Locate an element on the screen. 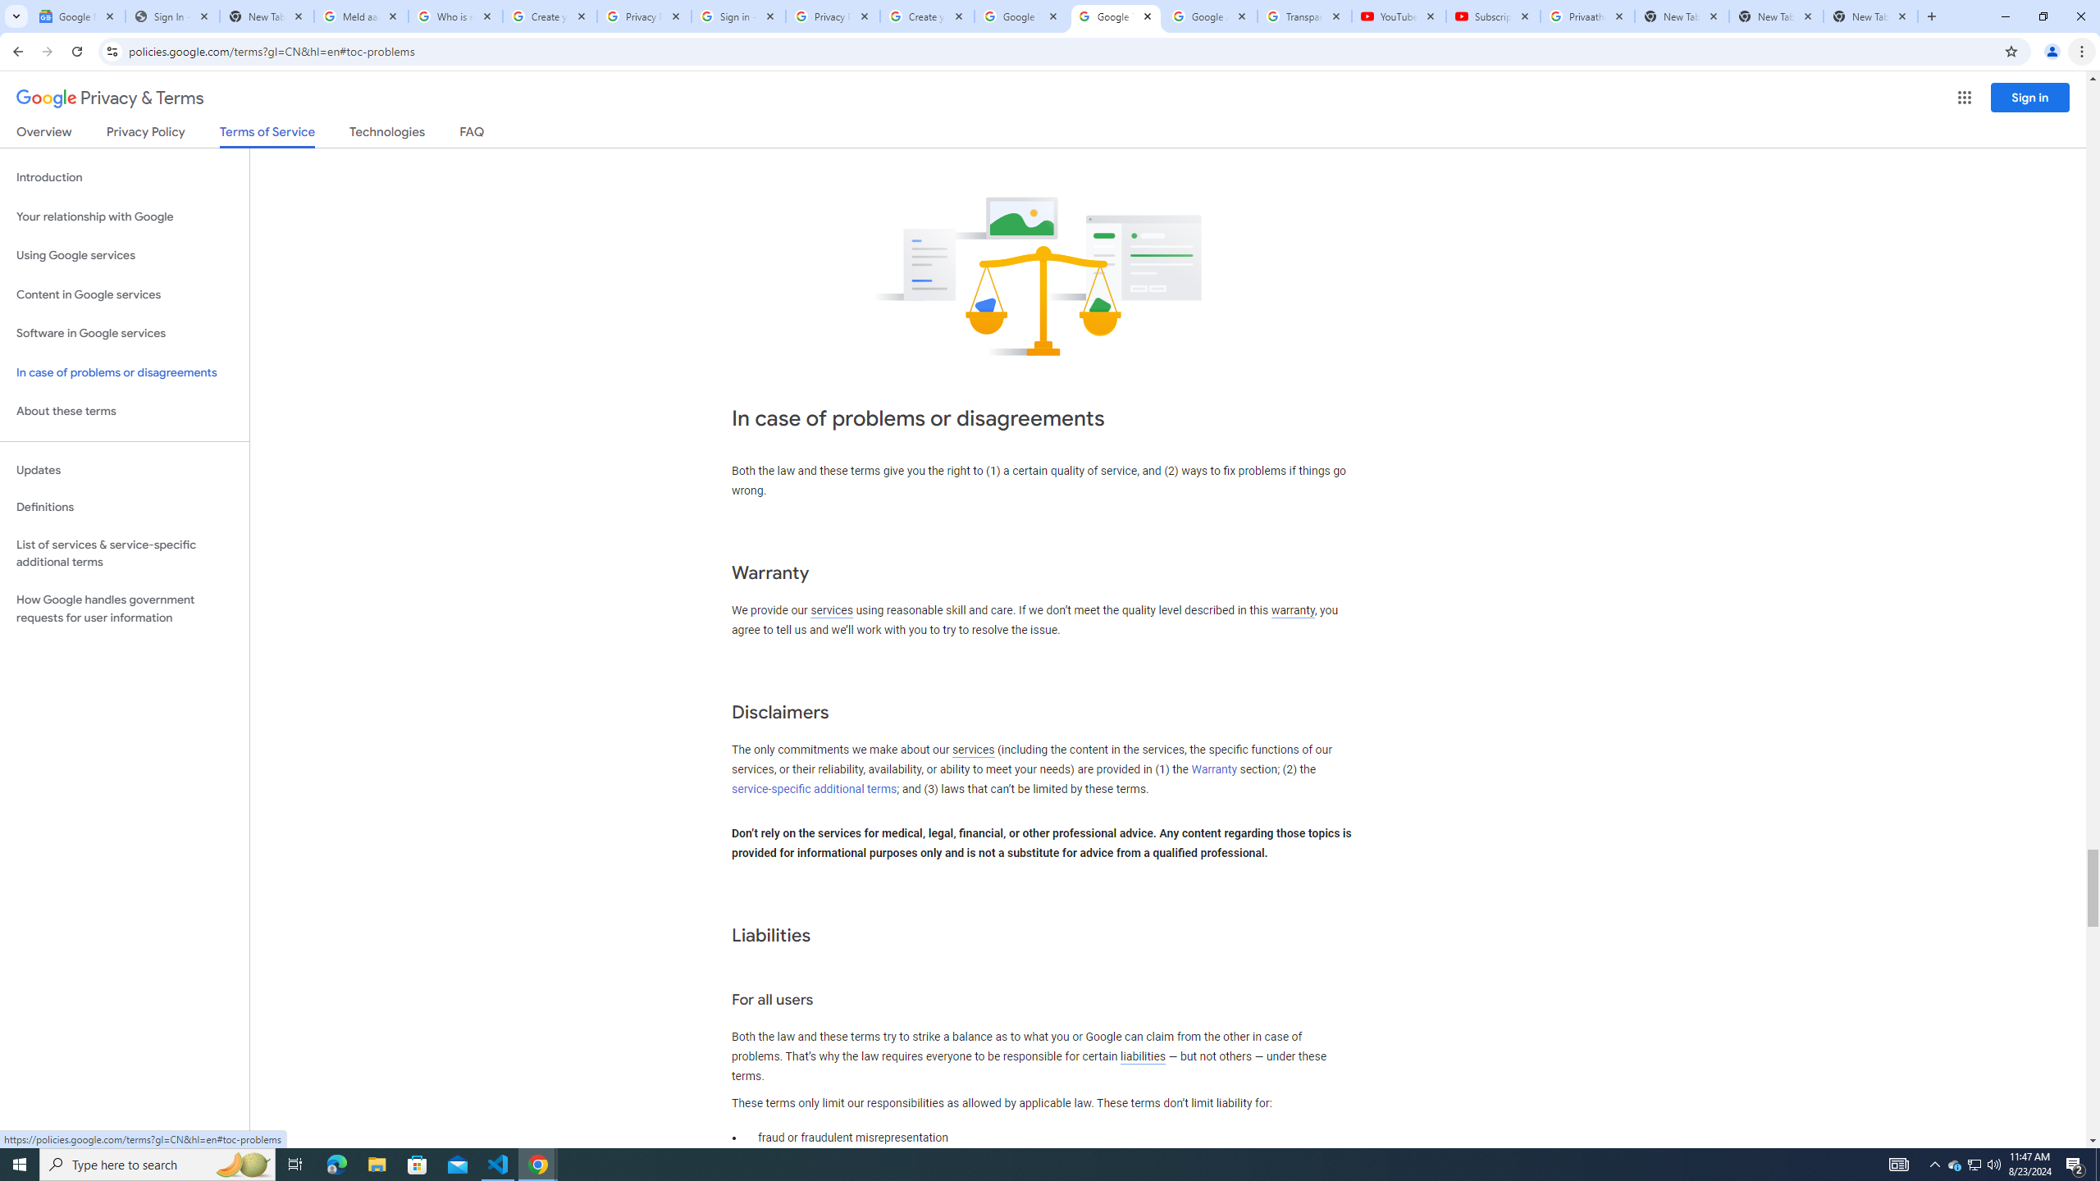  'Privacy Policy' is located at coordinates (144, 135).